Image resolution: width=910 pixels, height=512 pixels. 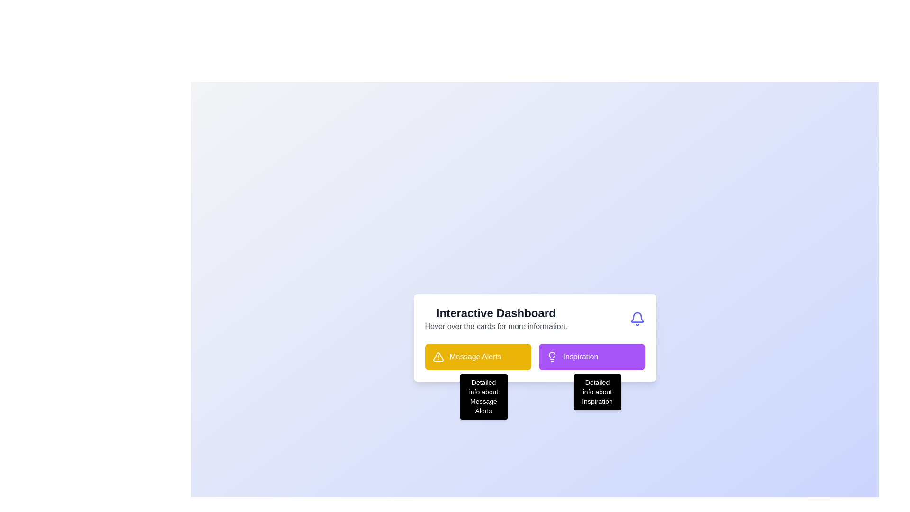 What do you see at coordinates (483, 397) in the screenshot?
I see `the tooltip displaying 'Detailed info about Message Alerts', which appears dynamically beneath the 'Message Alerts' button` at bounding box center [483, 397].